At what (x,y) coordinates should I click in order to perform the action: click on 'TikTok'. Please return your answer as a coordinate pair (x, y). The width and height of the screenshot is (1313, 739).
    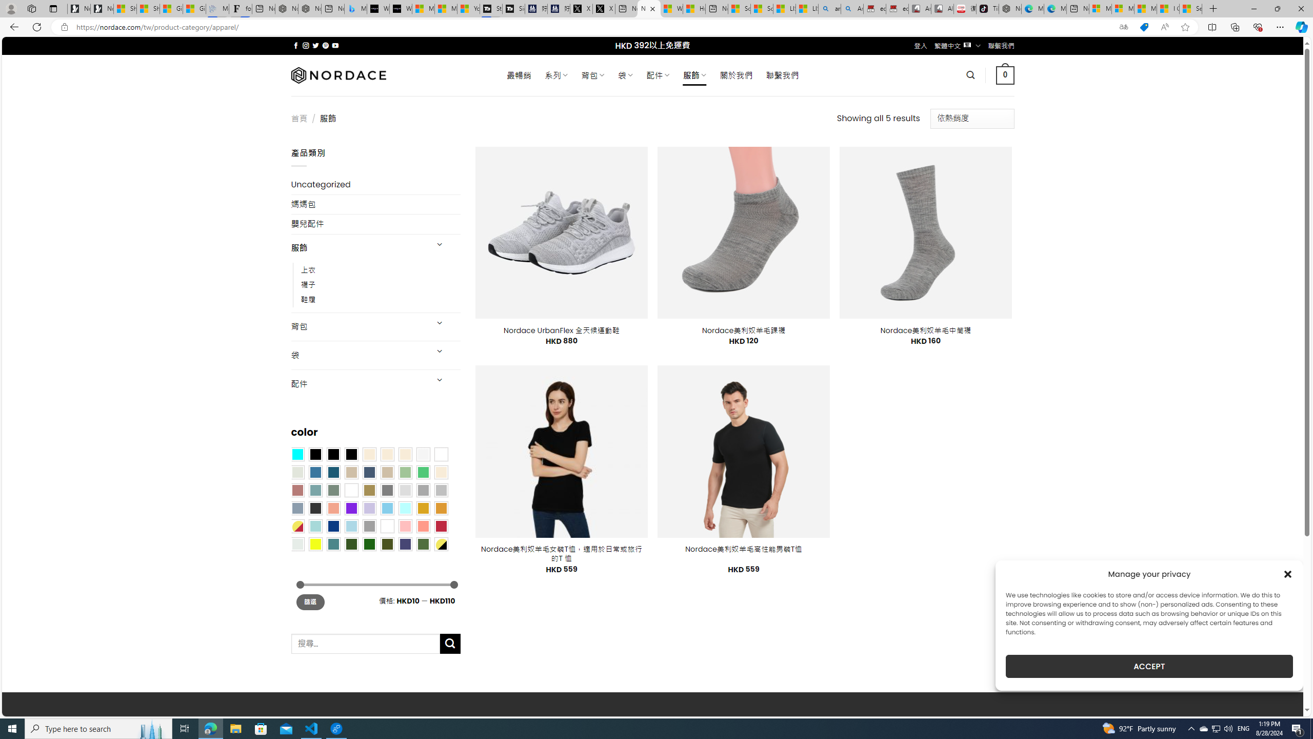
    Looking at the image, I should click on (987, 8).